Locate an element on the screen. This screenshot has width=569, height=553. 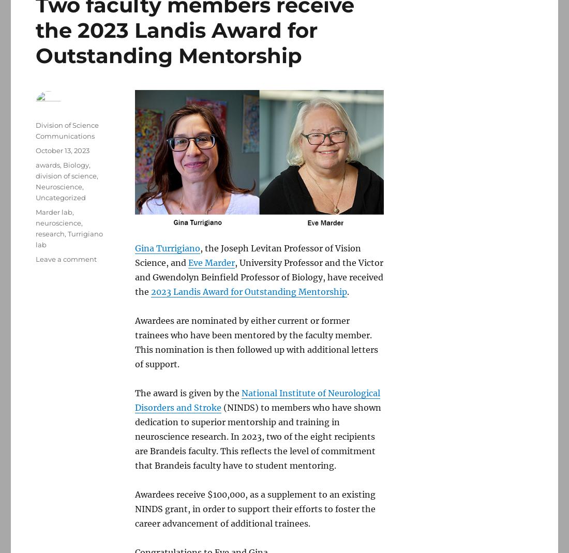
'Awardees are nominated by either current or former trainees who have been mentored by the faculty member. This nomination is then followed up with additional letters of support.' is located at coordinates (256, 342).